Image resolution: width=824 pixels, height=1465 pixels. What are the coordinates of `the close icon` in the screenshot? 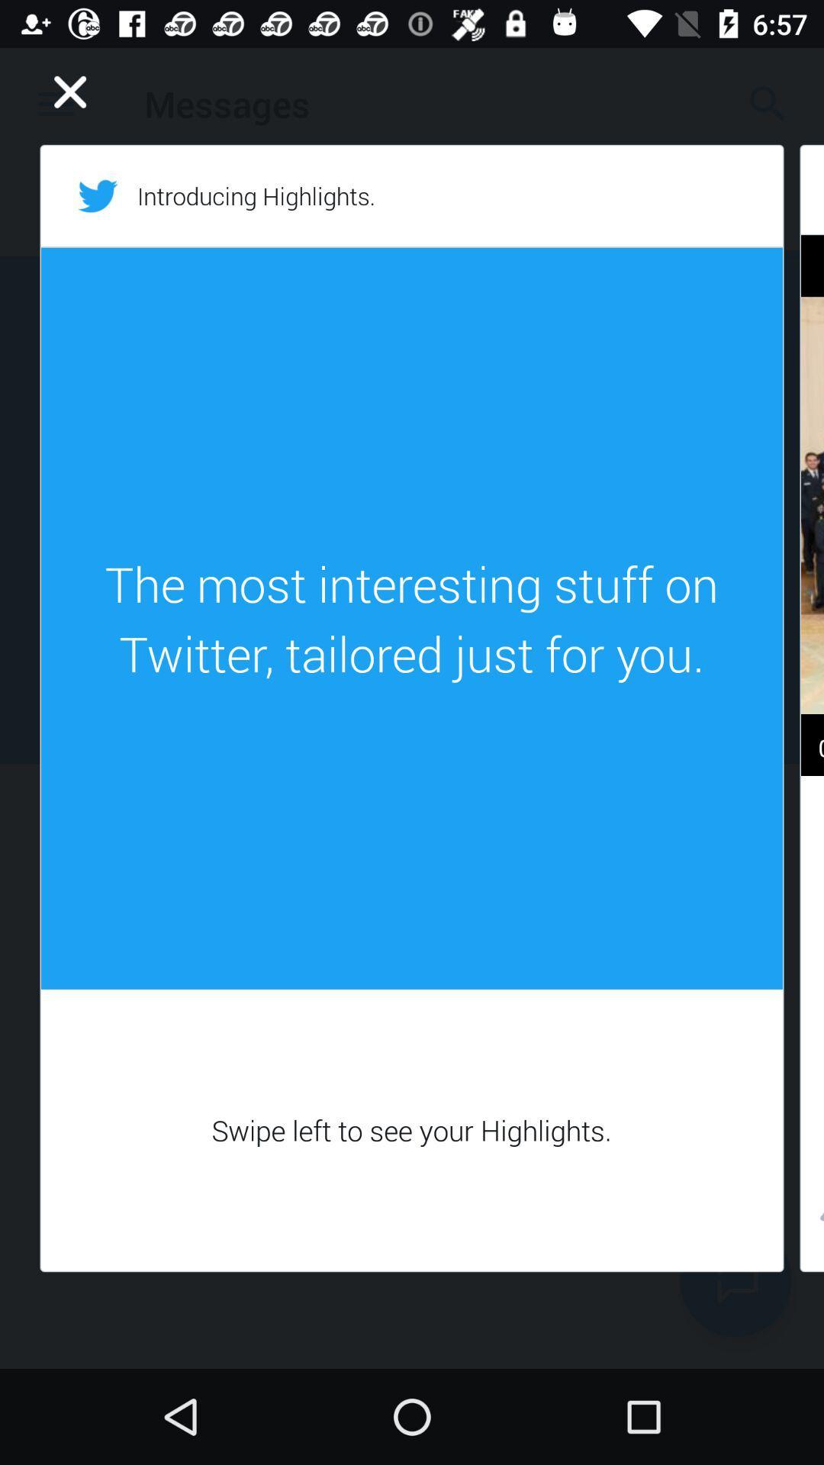 It's located at (70, 91).